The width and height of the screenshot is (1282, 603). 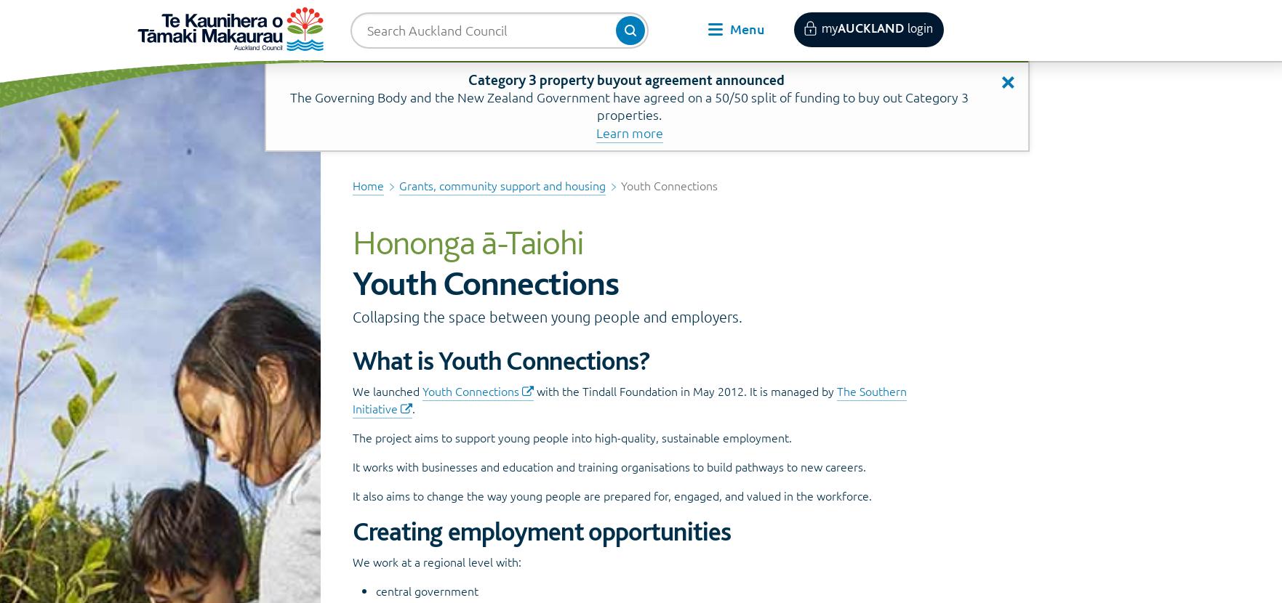 I want to click on '.', so click(x=415, y=407).